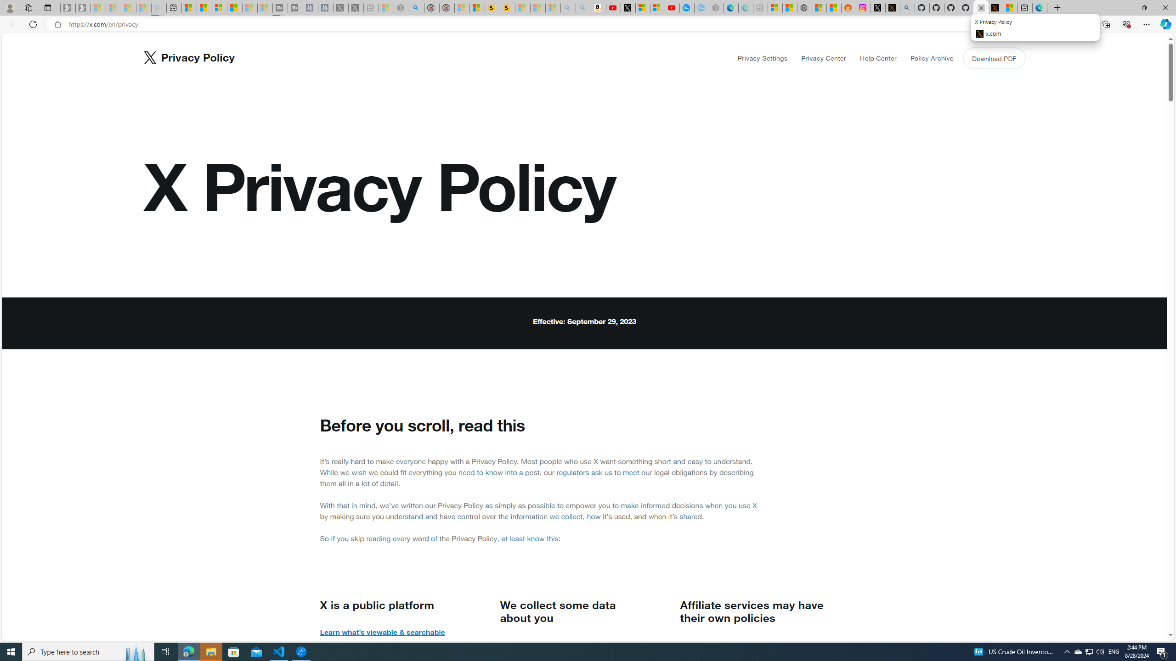 Image resolution: width=1176 pixels, height=661 pixels. What do you see at coordinates (763, 58) in the screenshot?
I see `'Privacy Settings'` at bounding box center [763, 58].